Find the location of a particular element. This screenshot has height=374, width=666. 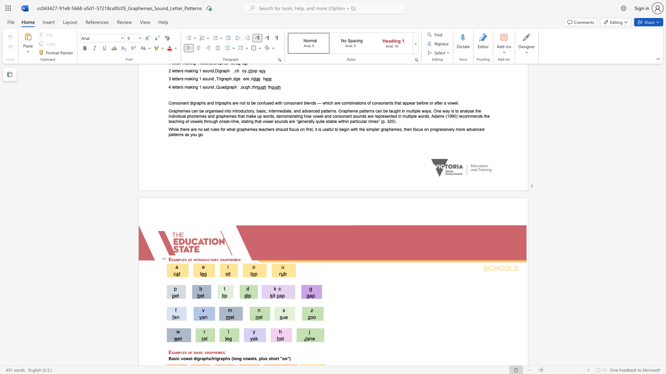

the 1th character "f" in the text is located at coordinates (191, 259).